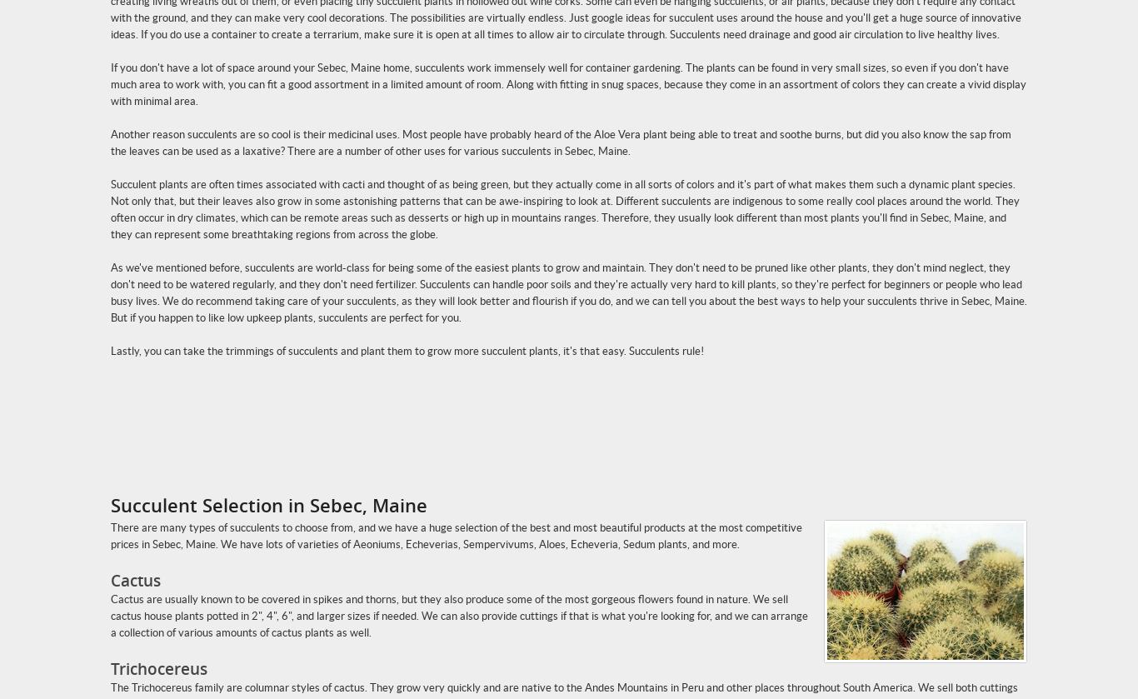  What do you see at coordinates (457, 535) in the screenshot?
I see `'There are many types of succulents to choose from, and we have a huge selection of the best and most beautiful products at the most competitive prices in Sebec, Maine. We have lots of varieties of Aeoniums, Echeverias, Sempervivums, Aloes, Echeveria, Sedum plants, and more.'` at bounding box center [457, 535].